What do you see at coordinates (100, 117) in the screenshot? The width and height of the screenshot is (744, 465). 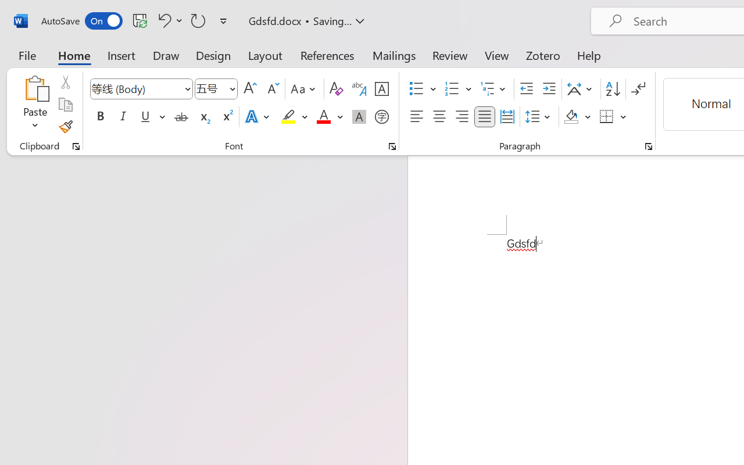 I see `'Bold'` at bounding box center [100, 117].